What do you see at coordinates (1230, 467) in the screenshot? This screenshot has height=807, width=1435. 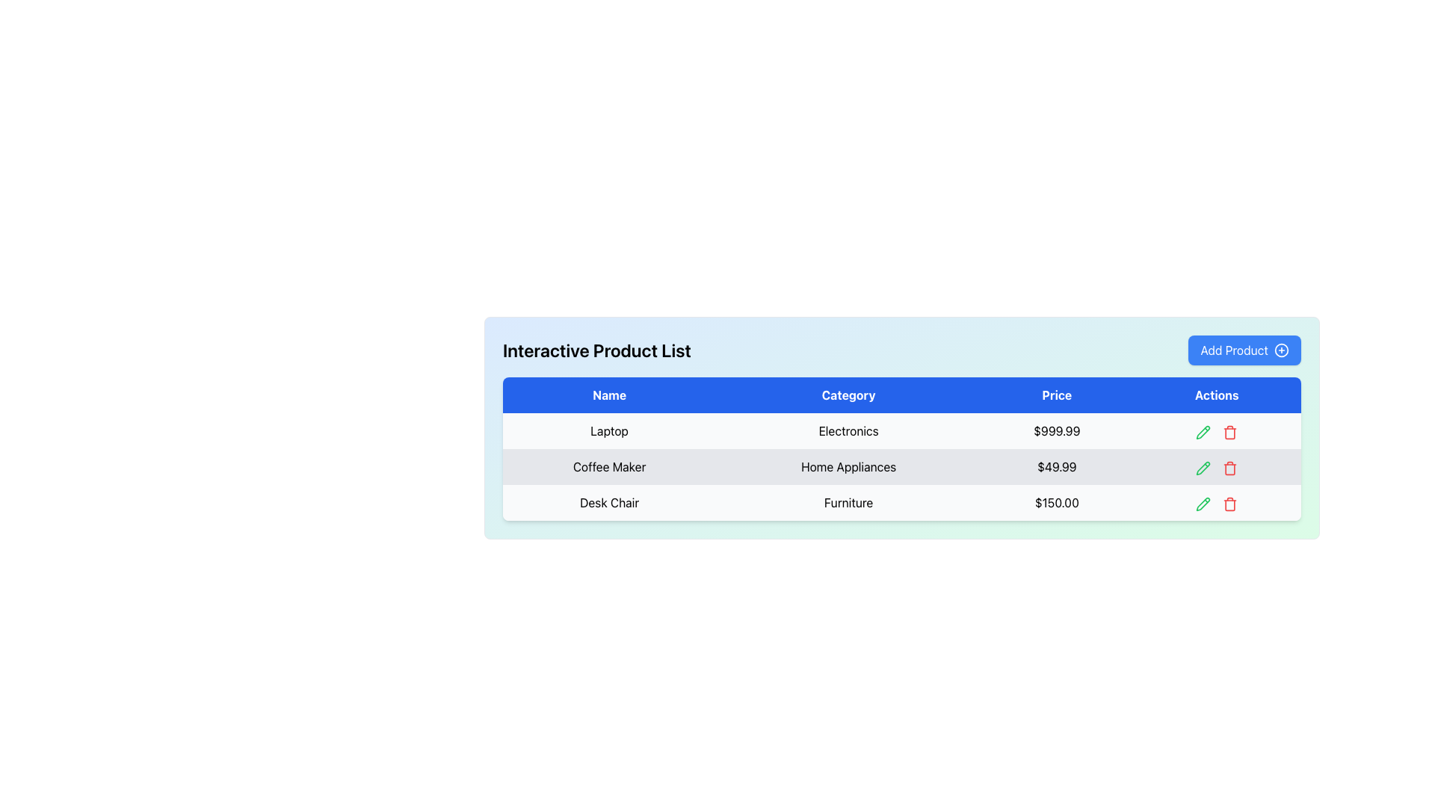 I see `the delete icon button` at bounding box center [1230, 467].